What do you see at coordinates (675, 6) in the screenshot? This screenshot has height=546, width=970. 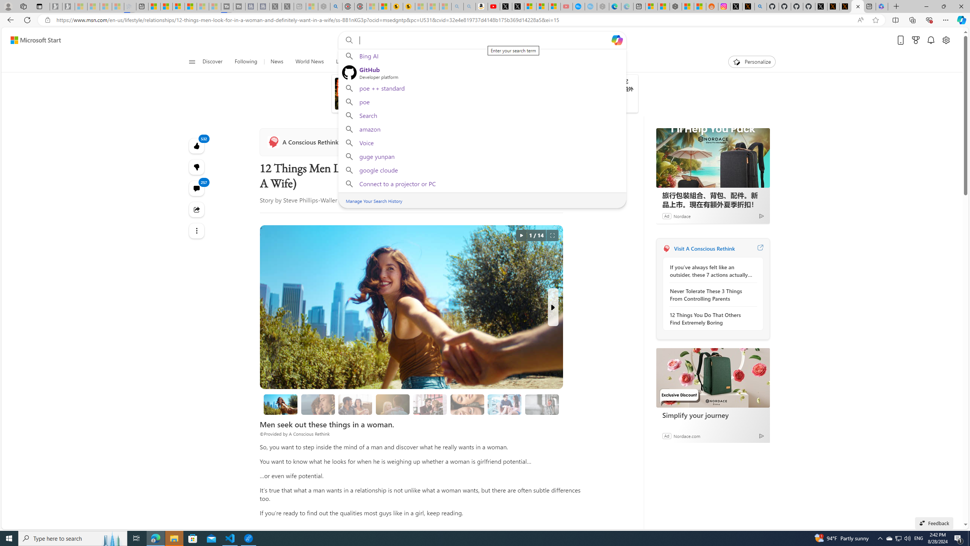 I see `'Nordace - Duffels'` at bounding box center [675, 6].